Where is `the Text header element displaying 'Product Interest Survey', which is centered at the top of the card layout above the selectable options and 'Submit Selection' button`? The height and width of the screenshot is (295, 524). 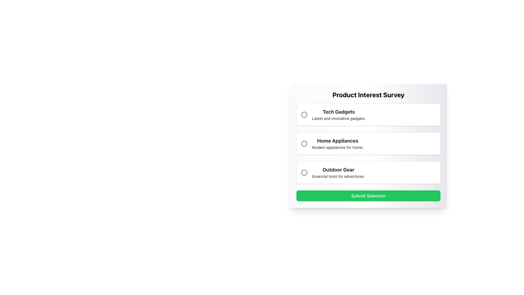 the Text header element displaying 'Product Interest Survey', which is centered at the top of the card layout above the selectable options and 'Submit Selection' button is located at coordinates (368, 95).